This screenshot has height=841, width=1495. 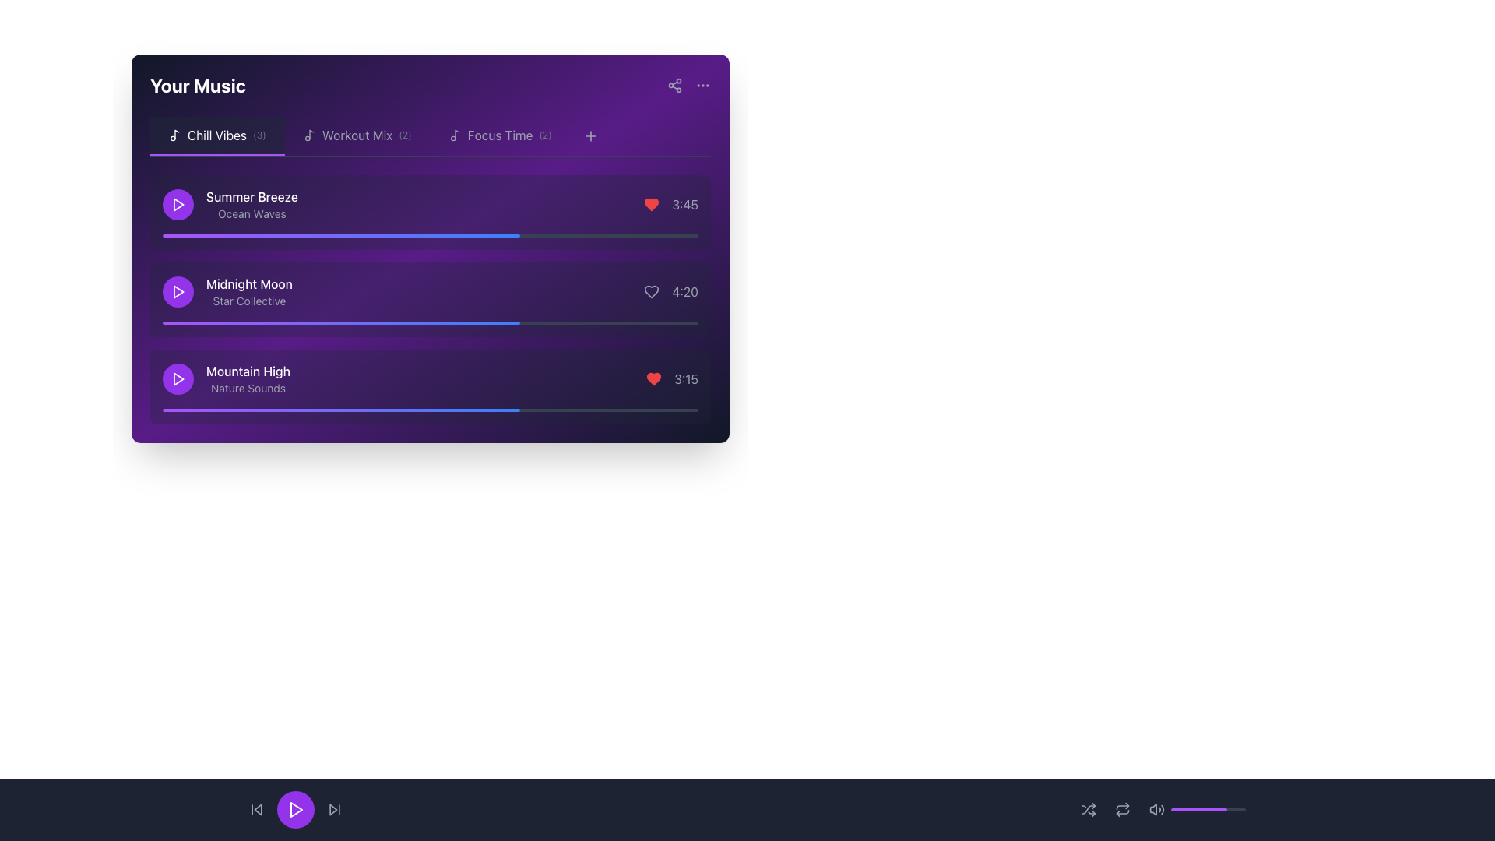 What do you see at coordinates (197, 86) in the screenshot?
I see `the text 'Your Music', which is styled in bold and enlarged white font, located at the top-left of the dark-themed interface with a purple gradient background` at bounding box center [197, 86].